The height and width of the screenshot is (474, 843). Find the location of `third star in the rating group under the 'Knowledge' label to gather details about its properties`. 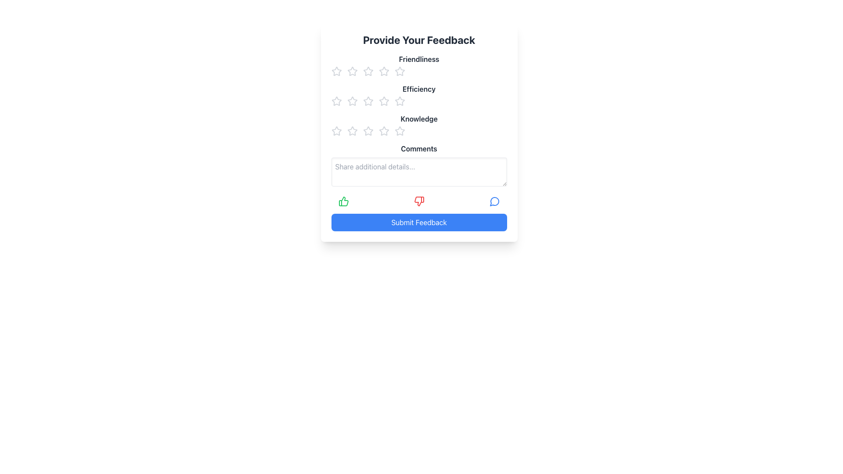

third star in the rating group under the 'Knowledge' label to gather details about its properties is located at coordinates (399, 131).